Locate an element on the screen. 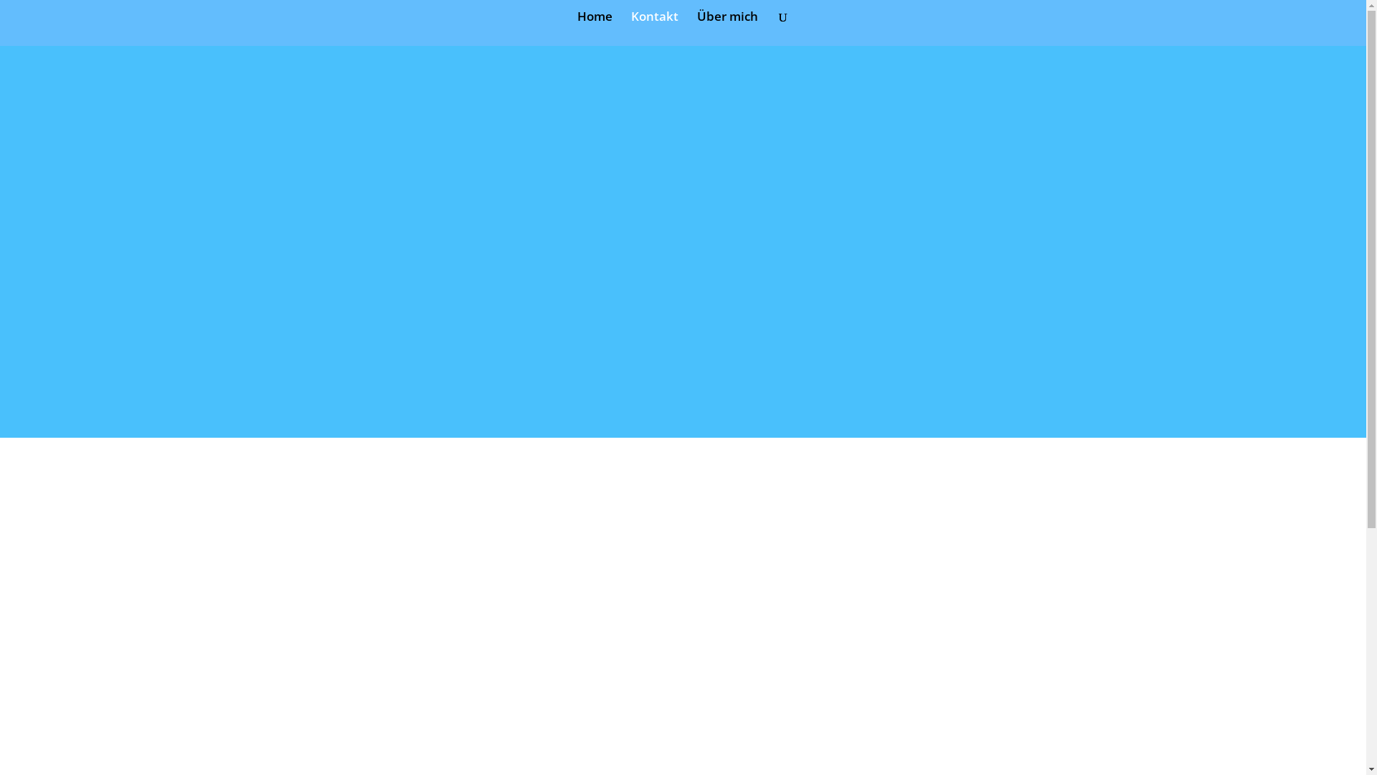 The height and width of the screenshot is (775, 1377). 'Home' is located at coordinates (594, 28).